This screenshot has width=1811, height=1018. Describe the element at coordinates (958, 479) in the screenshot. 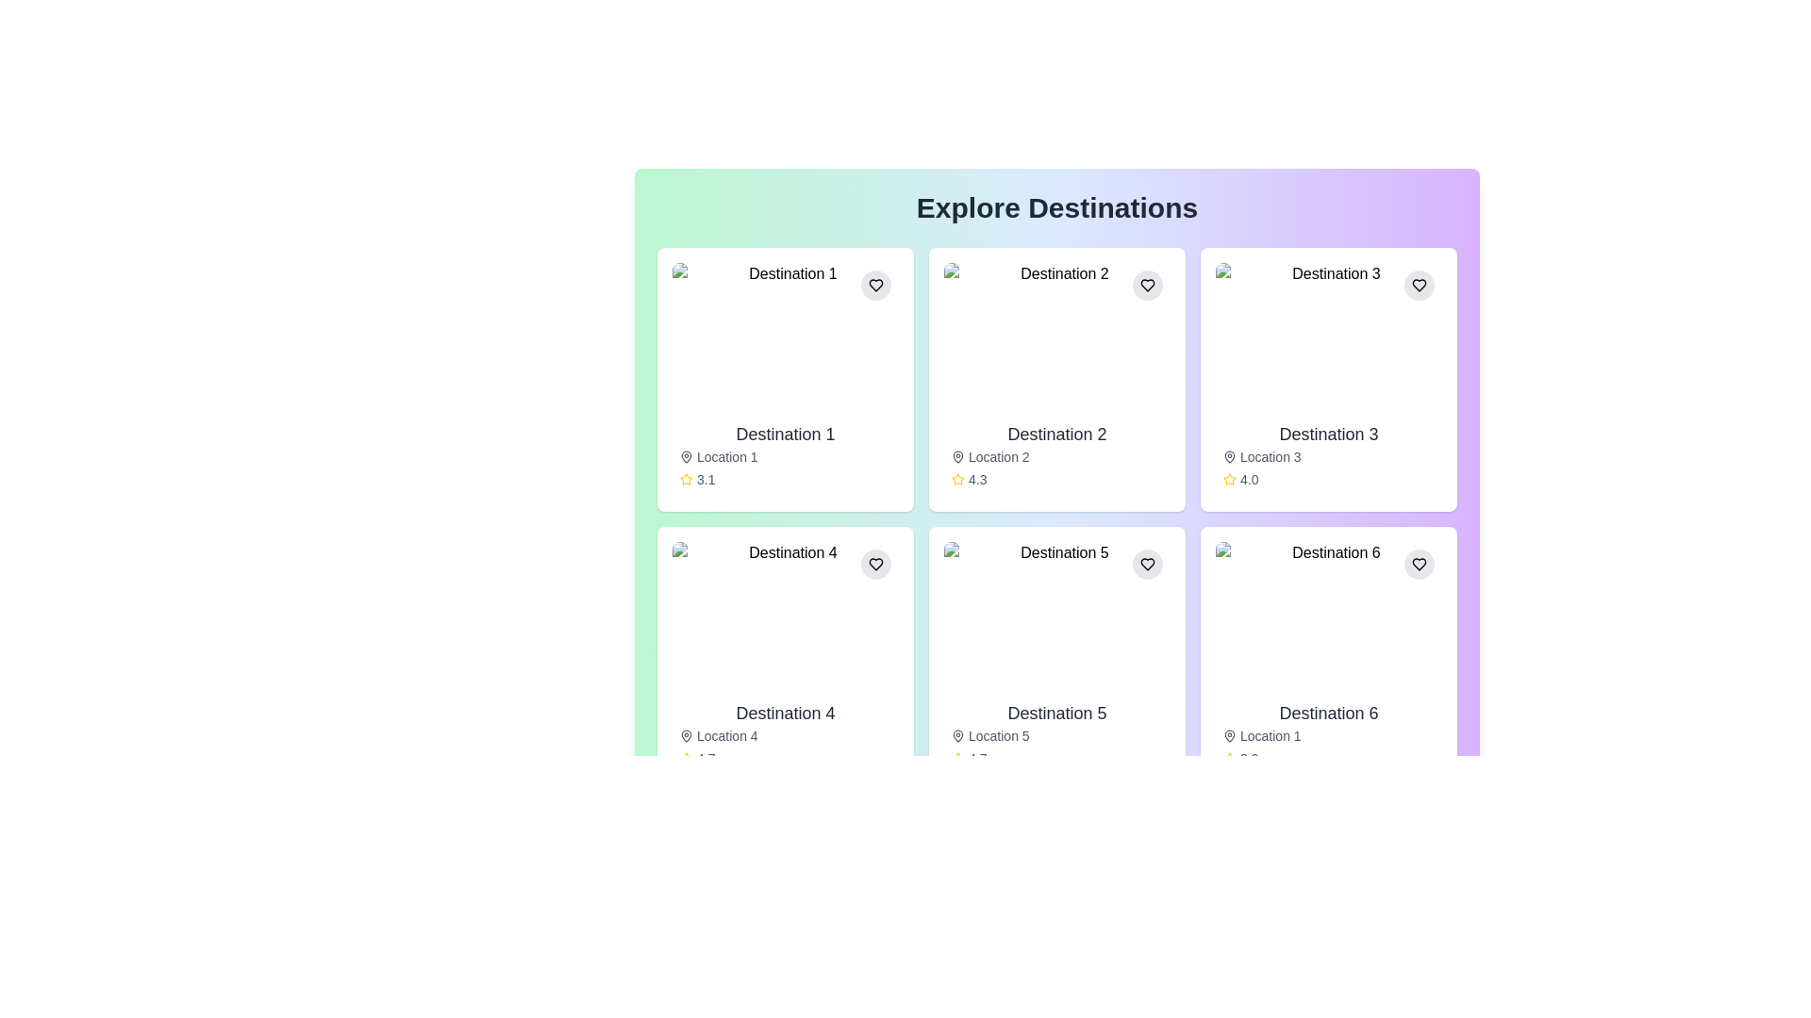

I see `the yellow star icon located next to the rating text '4.3' in the 'Destination 2' card` at that location.